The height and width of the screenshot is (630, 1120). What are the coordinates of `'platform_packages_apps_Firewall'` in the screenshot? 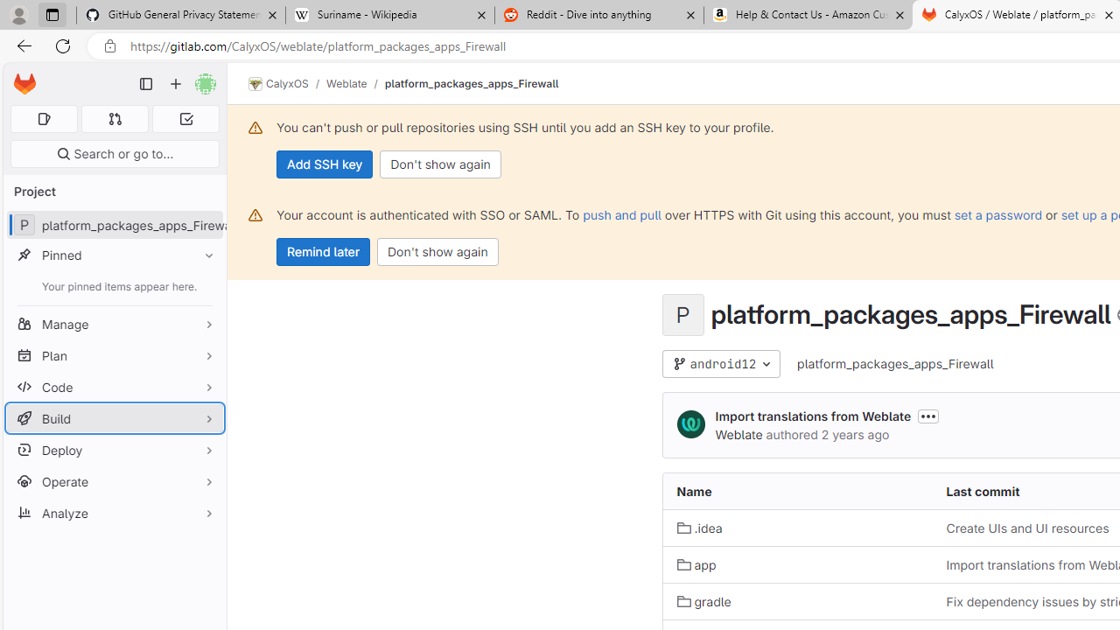 It's located at (896, 363).